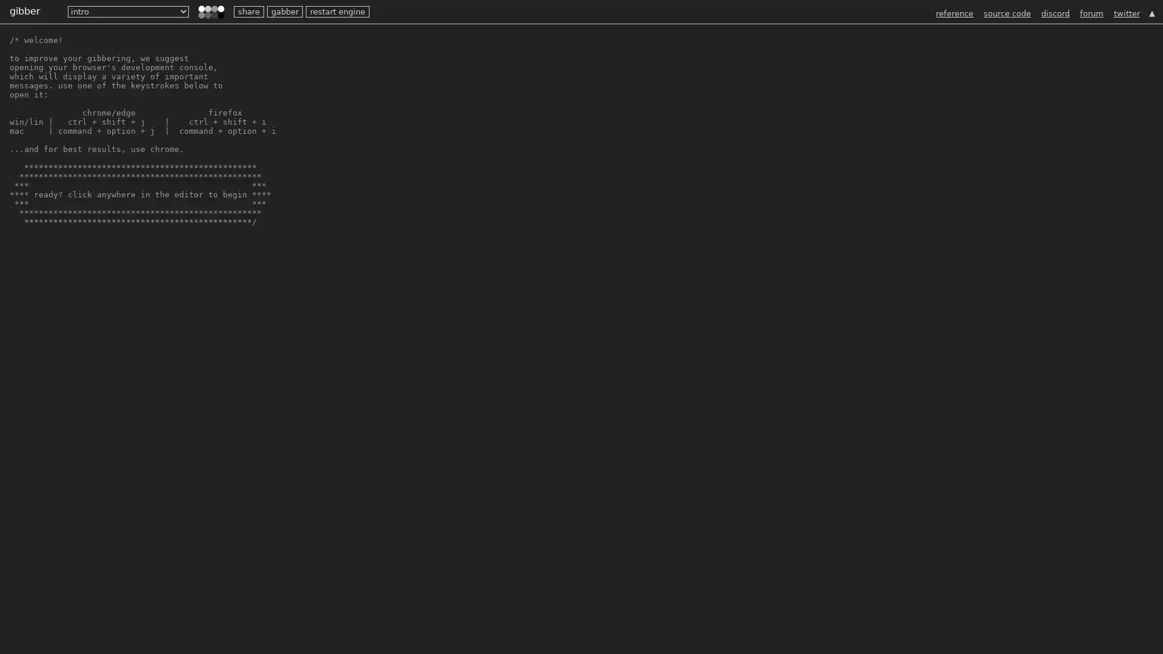  What do you see at coordinates (284, 12) in the screenshot?
I see `gabber` at bounding box center [284, 12].